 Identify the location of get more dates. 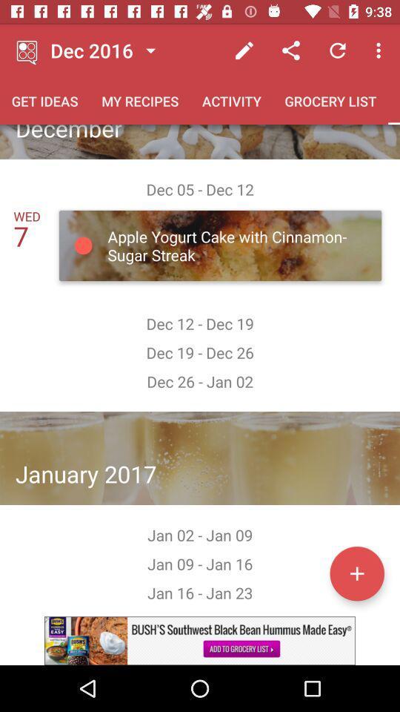
(356, 573).